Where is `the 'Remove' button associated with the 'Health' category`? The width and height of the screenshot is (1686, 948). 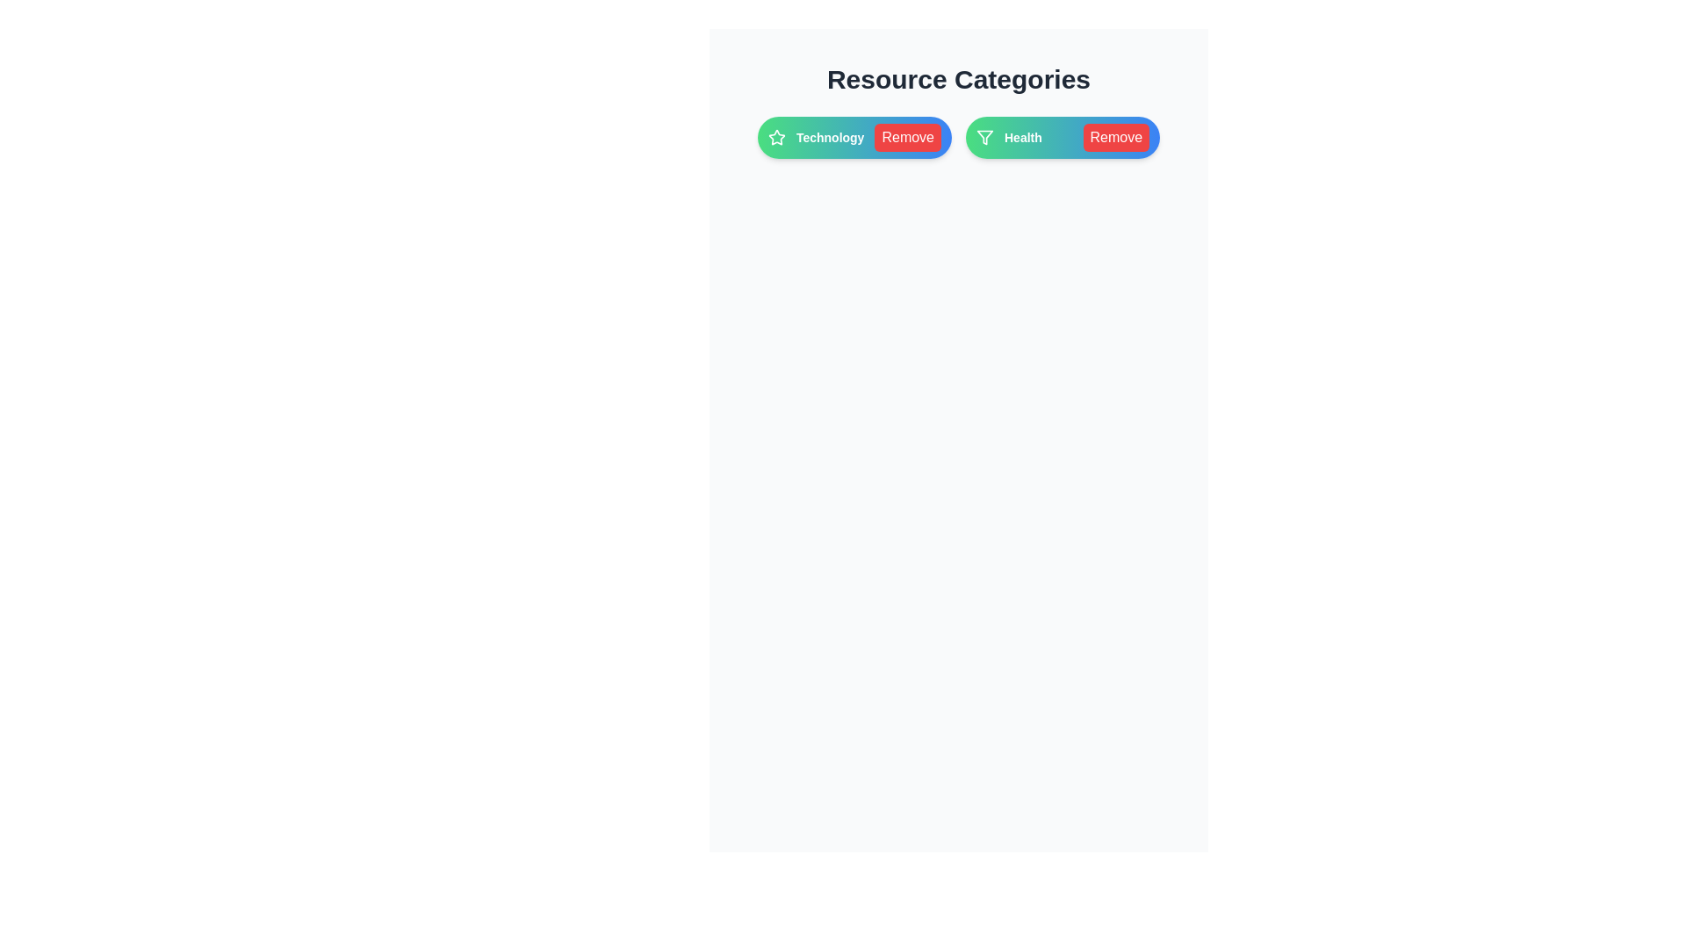
the 'Remove' button associated with the 'Health' category is located at coordinates (1115, 137).